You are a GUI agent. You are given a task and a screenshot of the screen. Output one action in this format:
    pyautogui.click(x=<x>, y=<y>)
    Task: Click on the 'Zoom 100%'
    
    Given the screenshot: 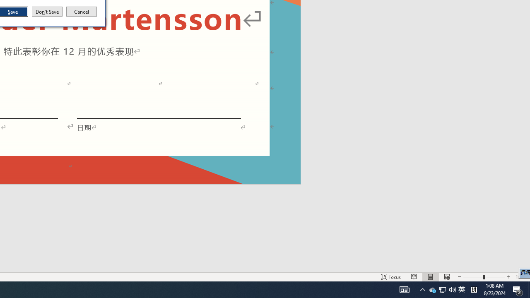 What is the action you would take?
    pyautogui.click(x=520, y=277)
    